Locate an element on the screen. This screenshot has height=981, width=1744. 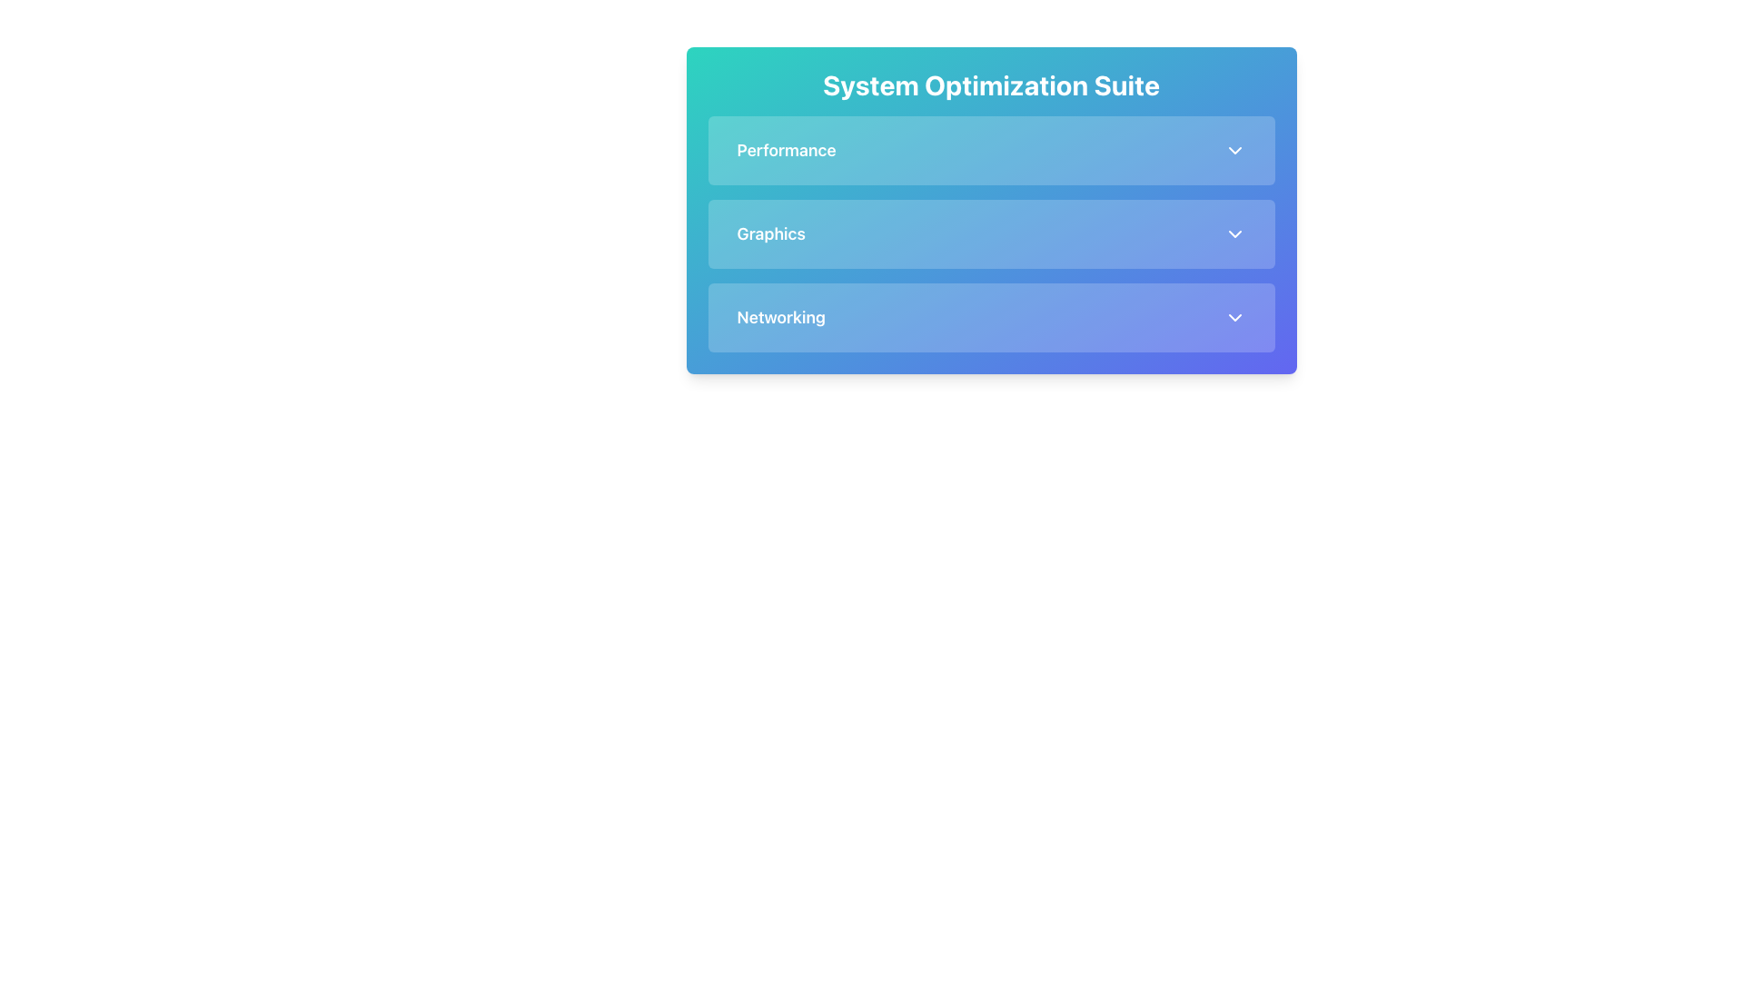
the third downward-facing chevron icon located to the right of the 'Networking' text is located at coordinates (1234, 317).